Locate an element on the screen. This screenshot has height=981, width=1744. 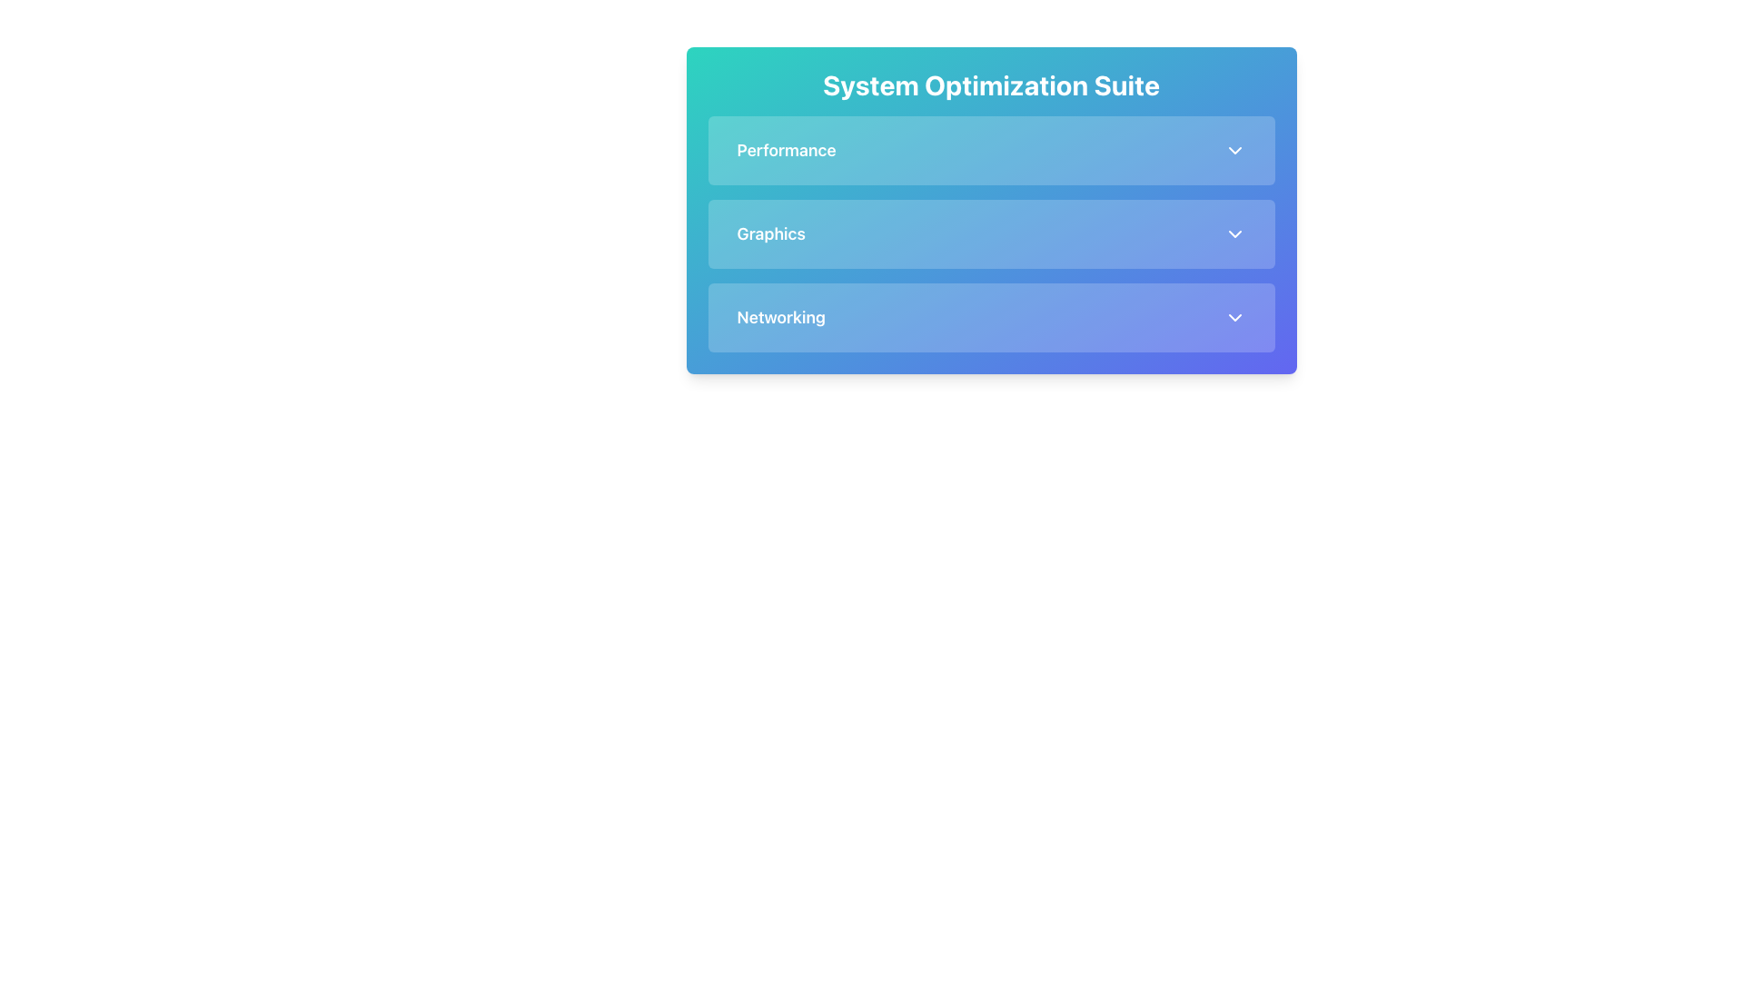
the third downward-facing chevron icon located to the right of the 'Networking' text is located at coordinates (1234, 317).